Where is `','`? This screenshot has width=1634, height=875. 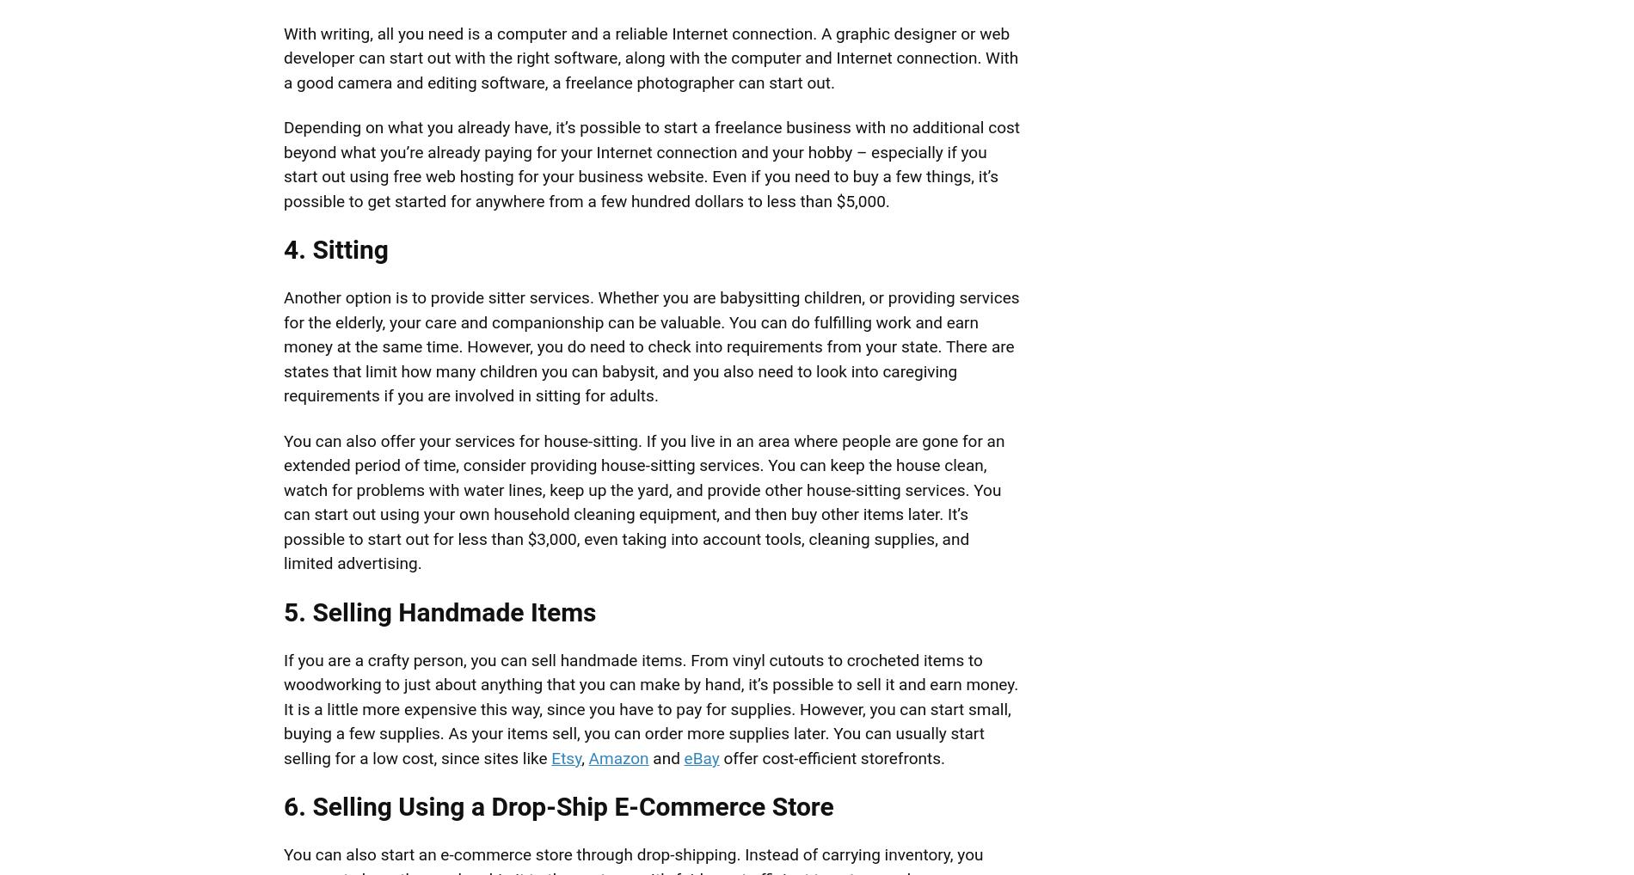 ',' is located at coordinates (585, 757).